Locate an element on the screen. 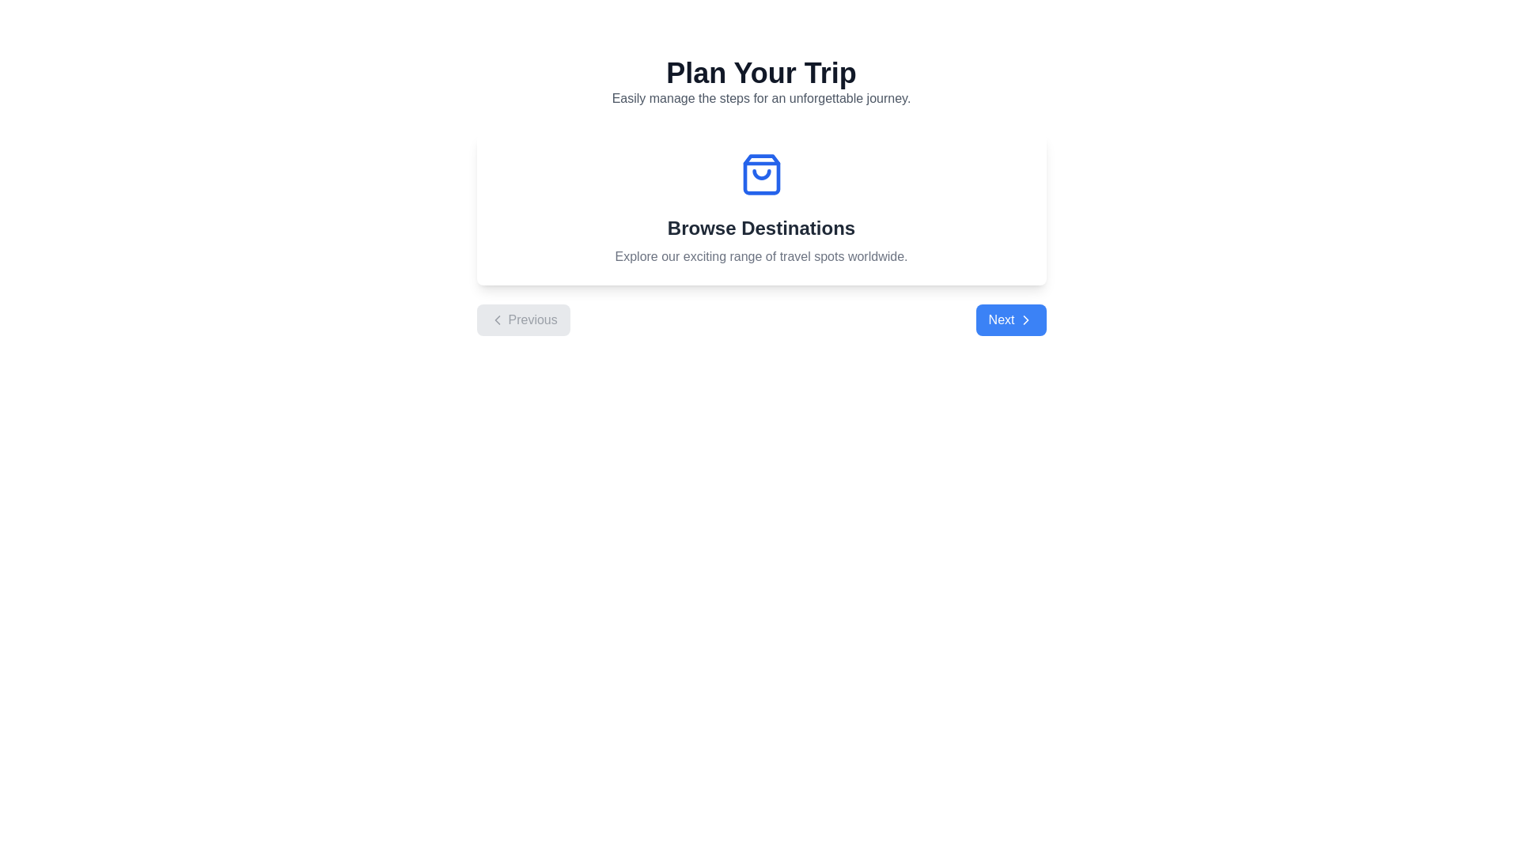 Image resolution: width=1519 pixels, height=854 pixels. the plain text element that reads 'Easily manage the steps for an unforgettable journey.' which is styled in gray and located directly beneath the title 'Plan Your Trip.' is located at coordinates (761, 98).